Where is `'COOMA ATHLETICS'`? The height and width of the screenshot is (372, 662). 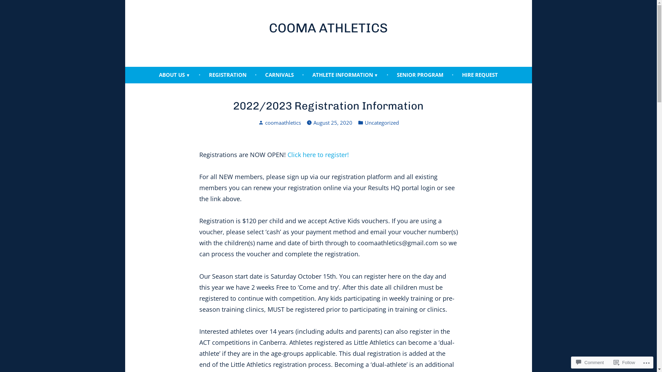 'COOMA ATHLETICS' is located at coordinates (328, 28).